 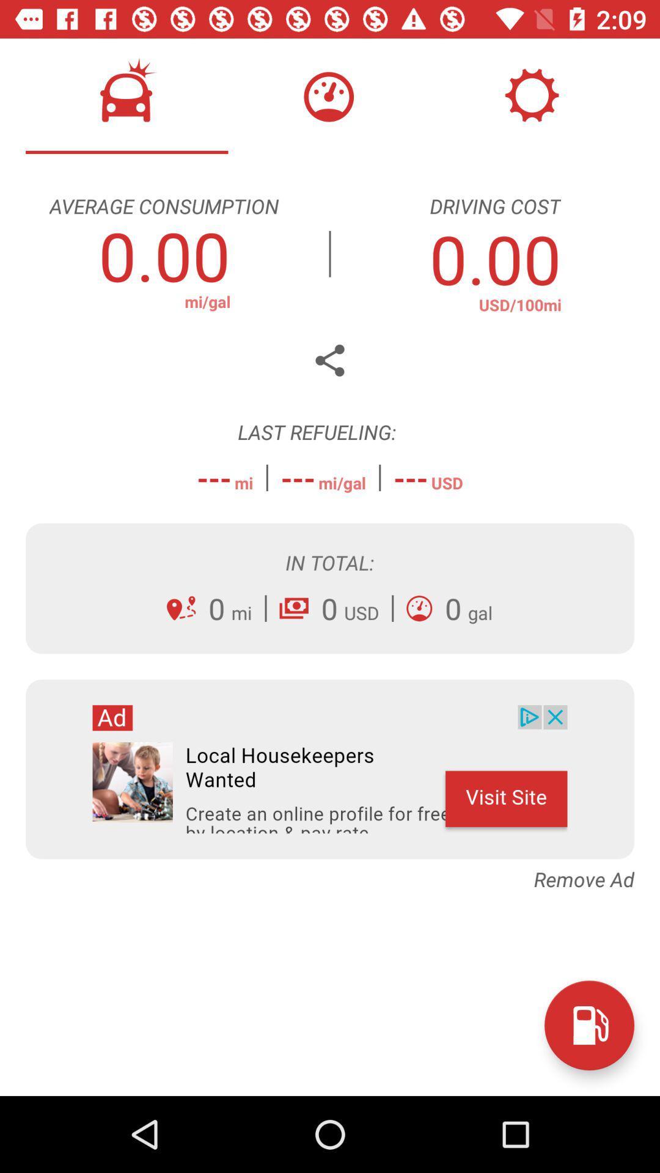 I want to click on advertising, so click(x=330, y=769).